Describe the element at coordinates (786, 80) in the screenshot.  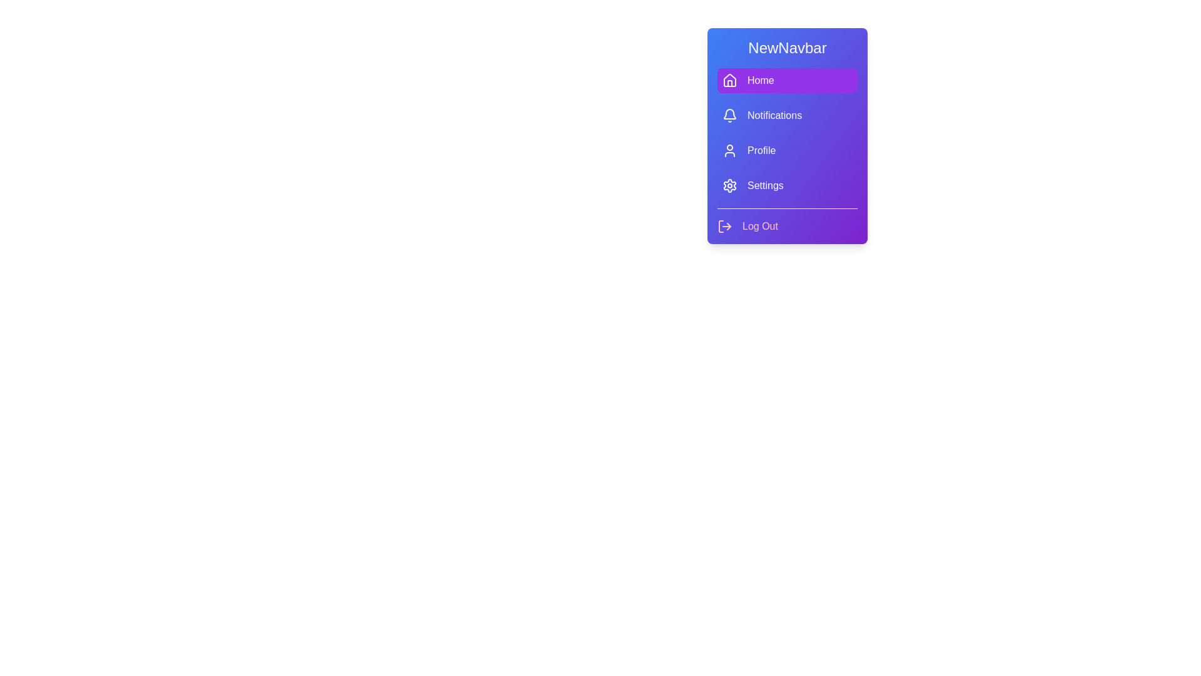
I see `the 'Home' navigation button located at the top of the sidebar menu` at that location.